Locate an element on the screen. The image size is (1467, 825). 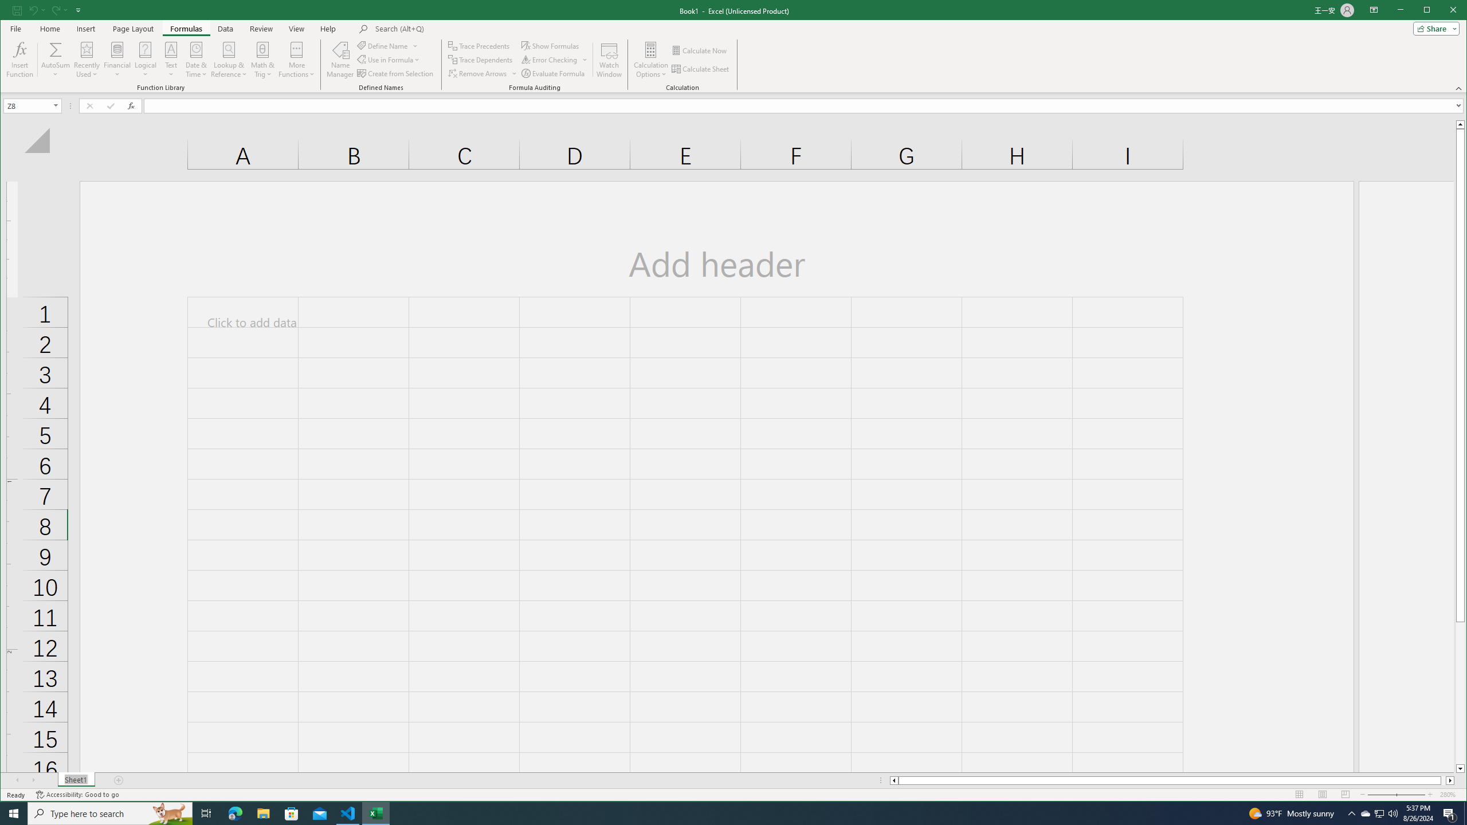
'Text' is located at coordinates (171, 59).